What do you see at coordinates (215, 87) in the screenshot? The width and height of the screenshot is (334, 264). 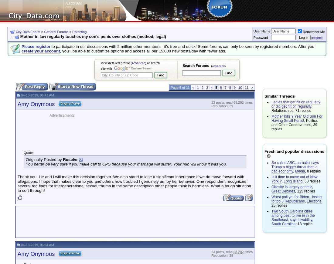 I see `'5'` at bounding box center [215, 87].